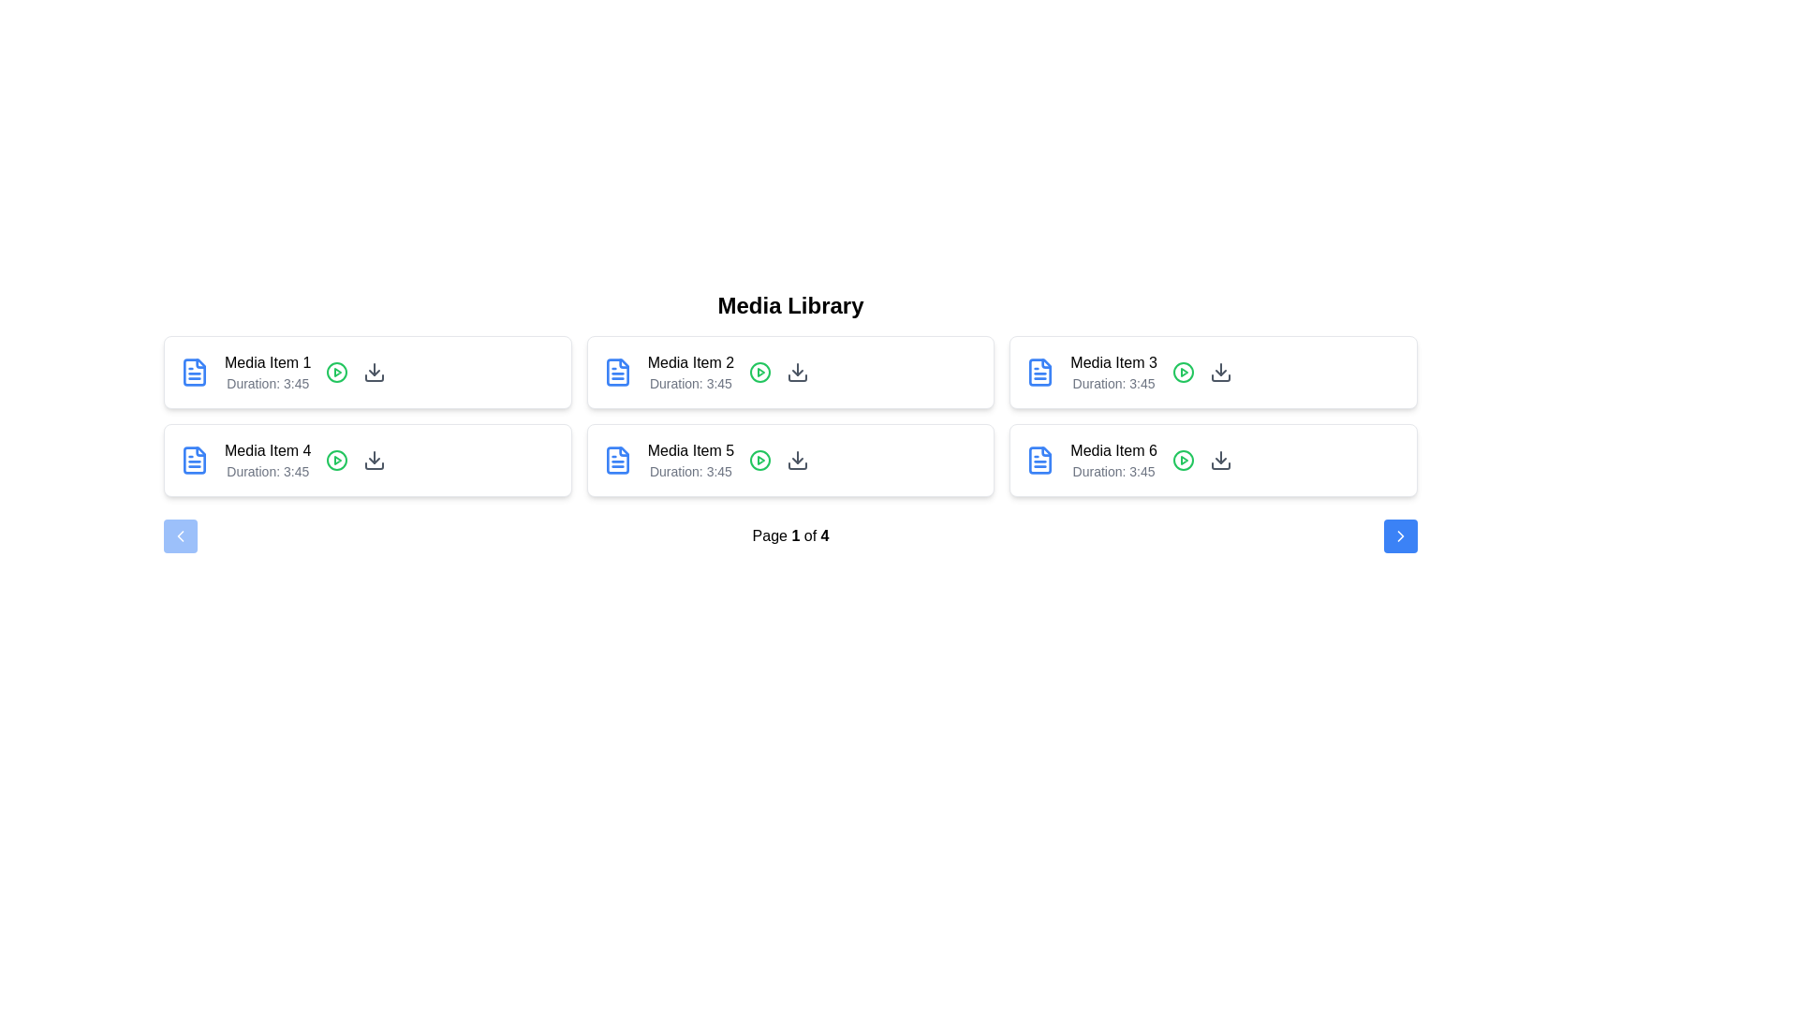  I want to click on the download icon, which is an outlined downward arrow styled in gray, located beside the play icon within the 'Media Item 2' card to initiate download, so click(798, 372).